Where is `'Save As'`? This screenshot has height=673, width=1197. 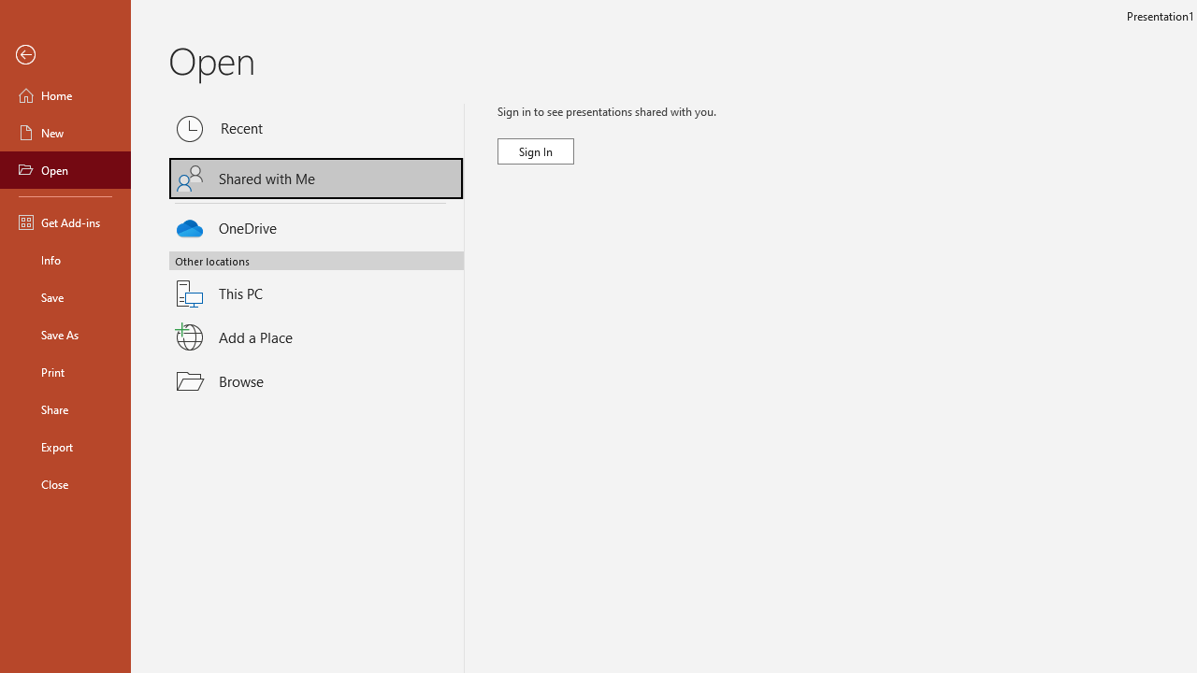
'Save As' is located at coordinates (65, 333).